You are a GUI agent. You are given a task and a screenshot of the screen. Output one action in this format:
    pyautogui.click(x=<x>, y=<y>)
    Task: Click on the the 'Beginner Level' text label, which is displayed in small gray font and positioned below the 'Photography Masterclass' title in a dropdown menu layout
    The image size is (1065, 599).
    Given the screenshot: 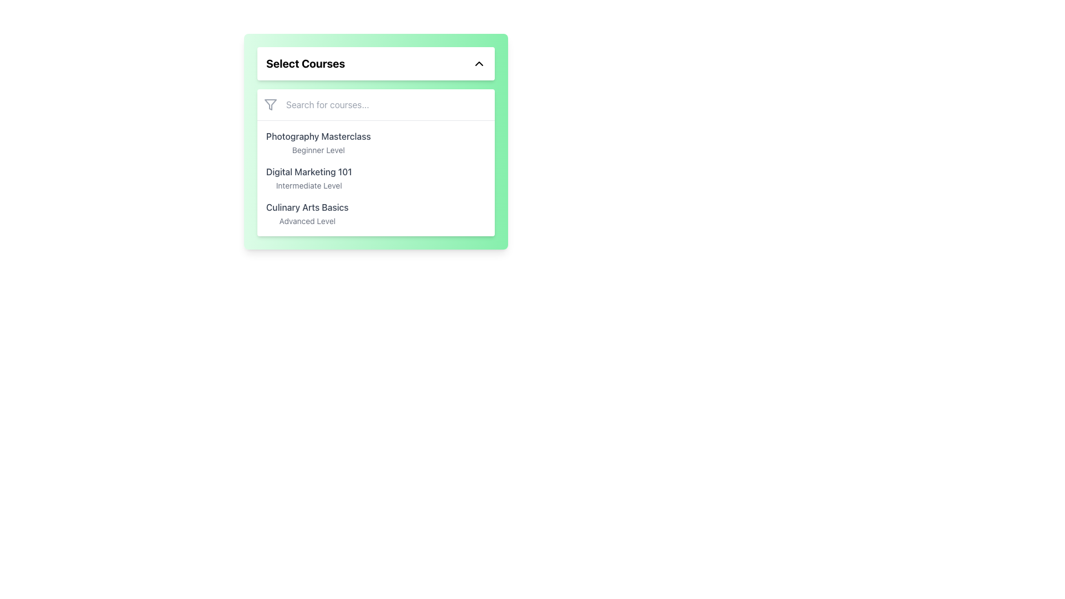 What is the action you would take?
    pyautogui.click(x=318, y=150)
    